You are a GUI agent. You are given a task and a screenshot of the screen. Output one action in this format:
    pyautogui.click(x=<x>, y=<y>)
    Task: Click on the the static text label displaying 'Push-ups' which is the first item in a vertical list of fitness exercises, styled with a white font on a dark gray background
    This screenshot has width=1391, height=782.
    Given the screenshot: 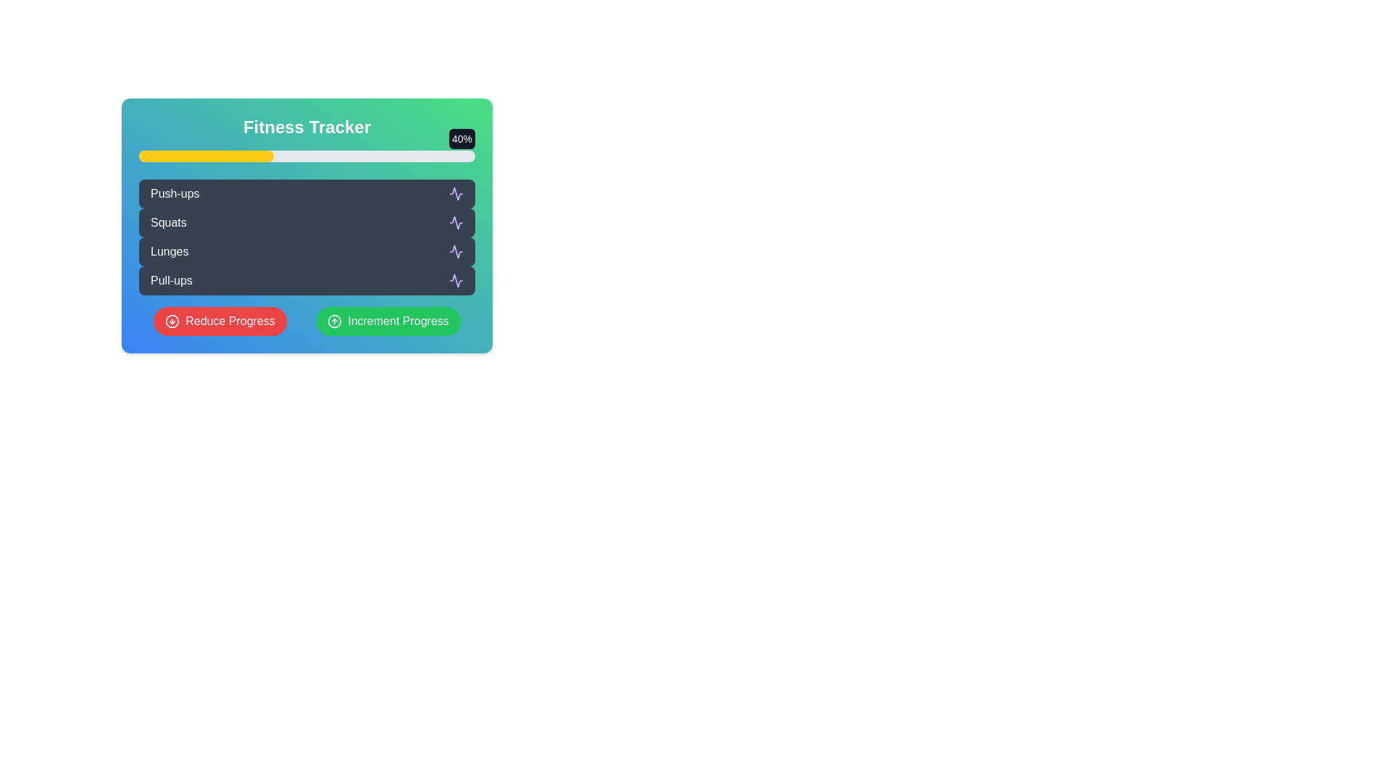 What is the action you would take?
    pyautogui.click(x=174, y=193)
    